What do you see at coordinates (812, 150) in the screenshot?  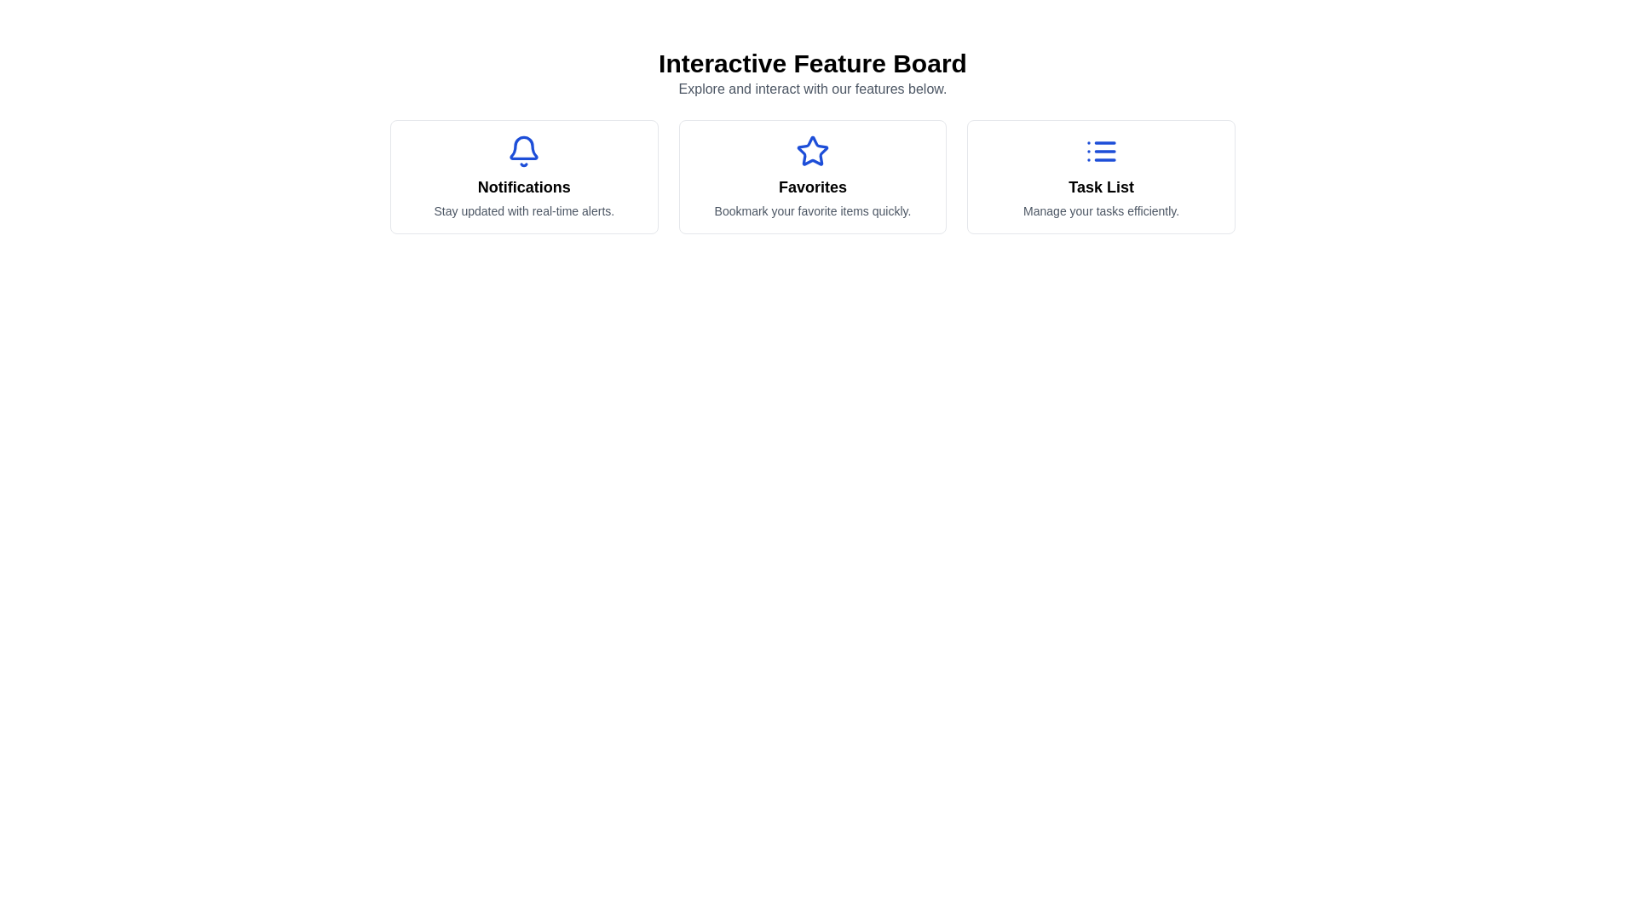 I see `the star icon representing the favorites functionality, located at the center of the 'Favorites' card in a three-card layout` at bounding box center [812, 150].